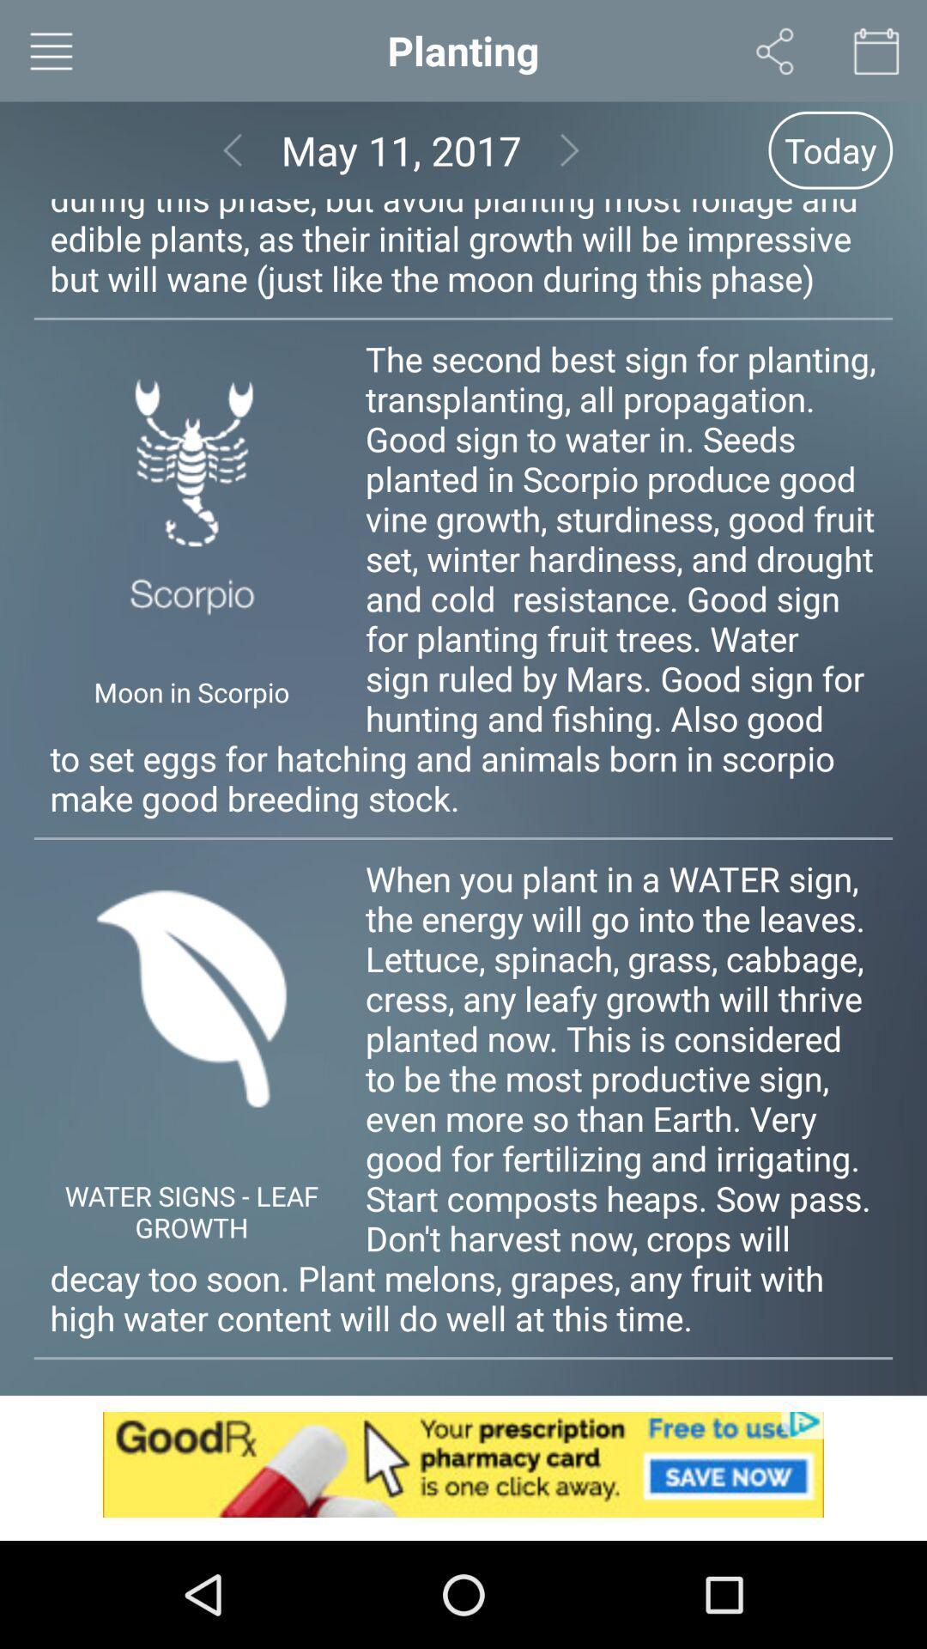 This screenshot has width=927, height=1649. I want to click on the arrow_backward icon, so click(233, 161).